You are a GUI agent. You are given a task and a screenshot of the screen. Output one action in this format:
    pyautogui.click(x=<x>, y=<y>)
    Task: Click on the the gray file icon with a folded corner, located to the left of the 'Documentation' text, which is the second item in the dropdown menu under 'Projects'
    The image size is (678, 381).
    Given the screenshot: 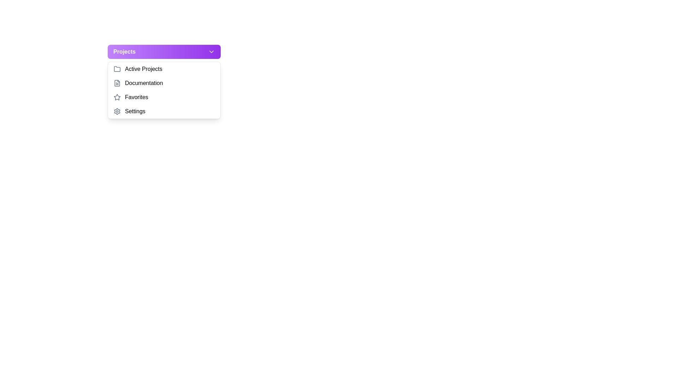 What is the action you would take?
    pyautogui.click(x=117, y=83)
    